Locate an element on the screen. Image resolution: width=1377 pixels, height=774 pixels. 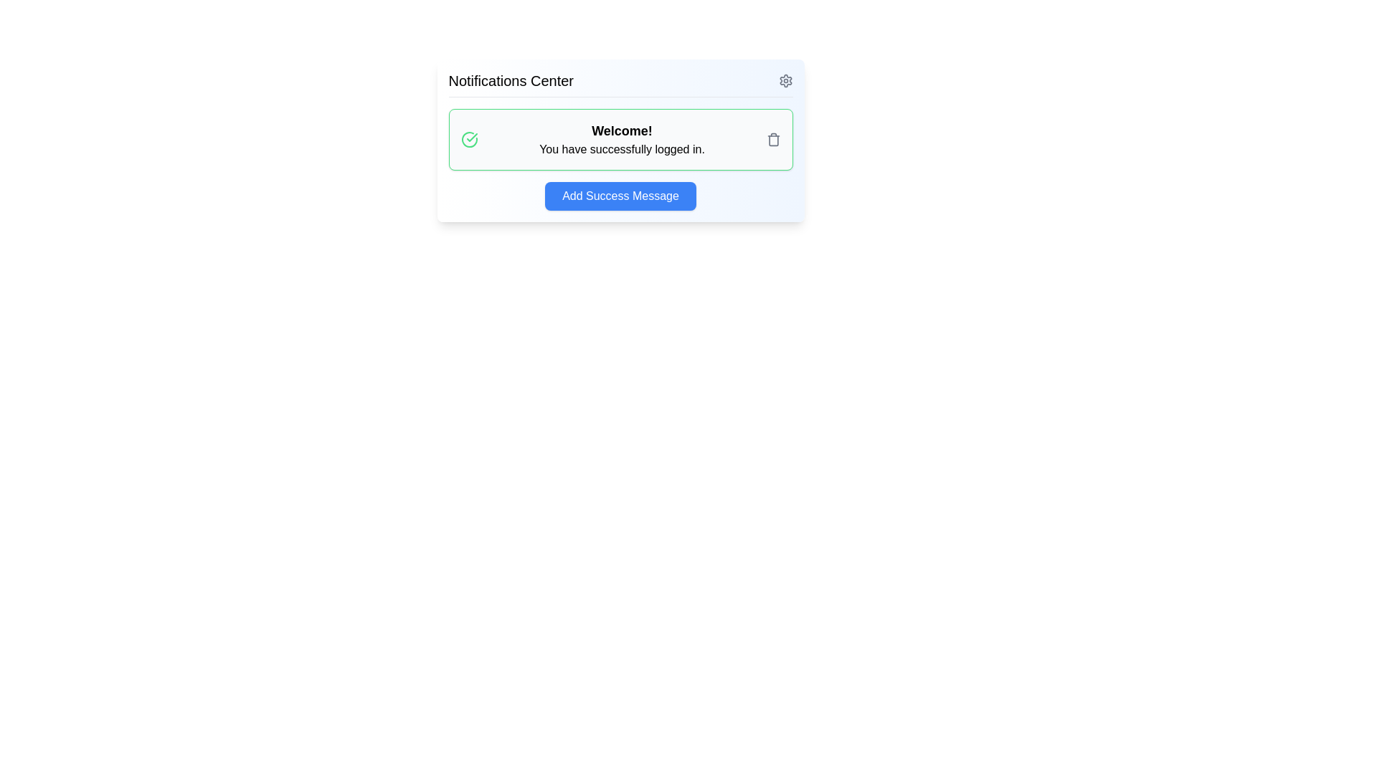
the static text element displaying 'You have successfully logged in.' which is located beneath the heading 'Welcome!' within a bordered box with a green outline is located at coordinates (622, 149).